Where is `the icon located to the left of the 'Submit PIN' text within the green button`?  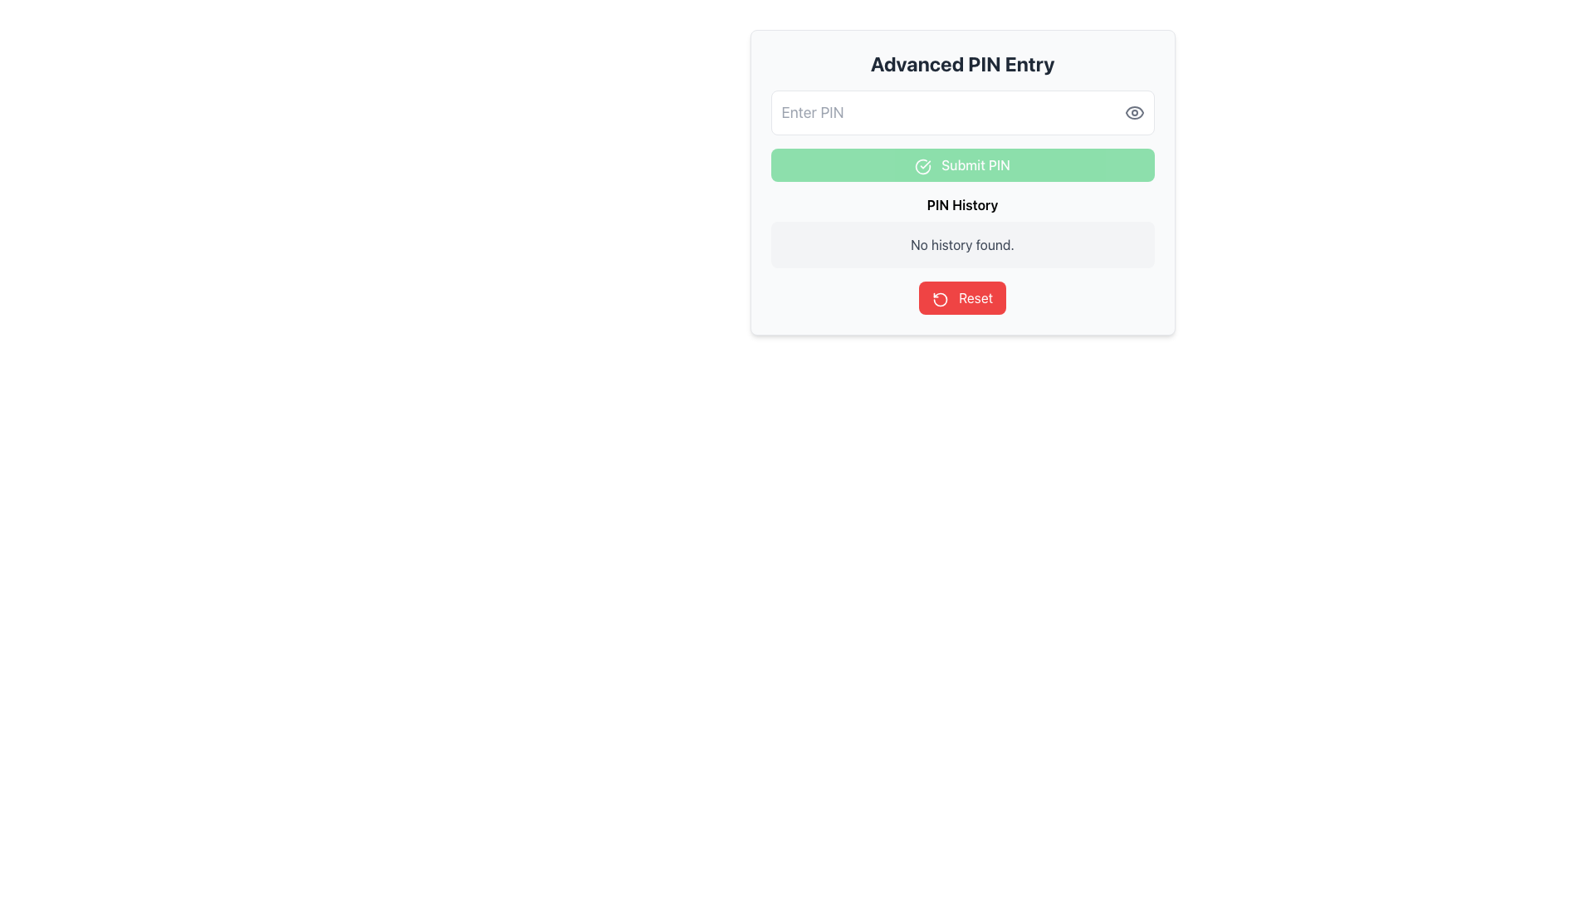
the icon located to the left of the 'Submit PIN' text within the green button is located at coordinates (922, 166).